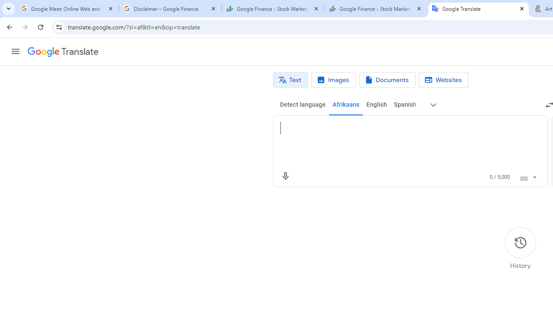  I want to click on 'Spanish', so click(404, 105).